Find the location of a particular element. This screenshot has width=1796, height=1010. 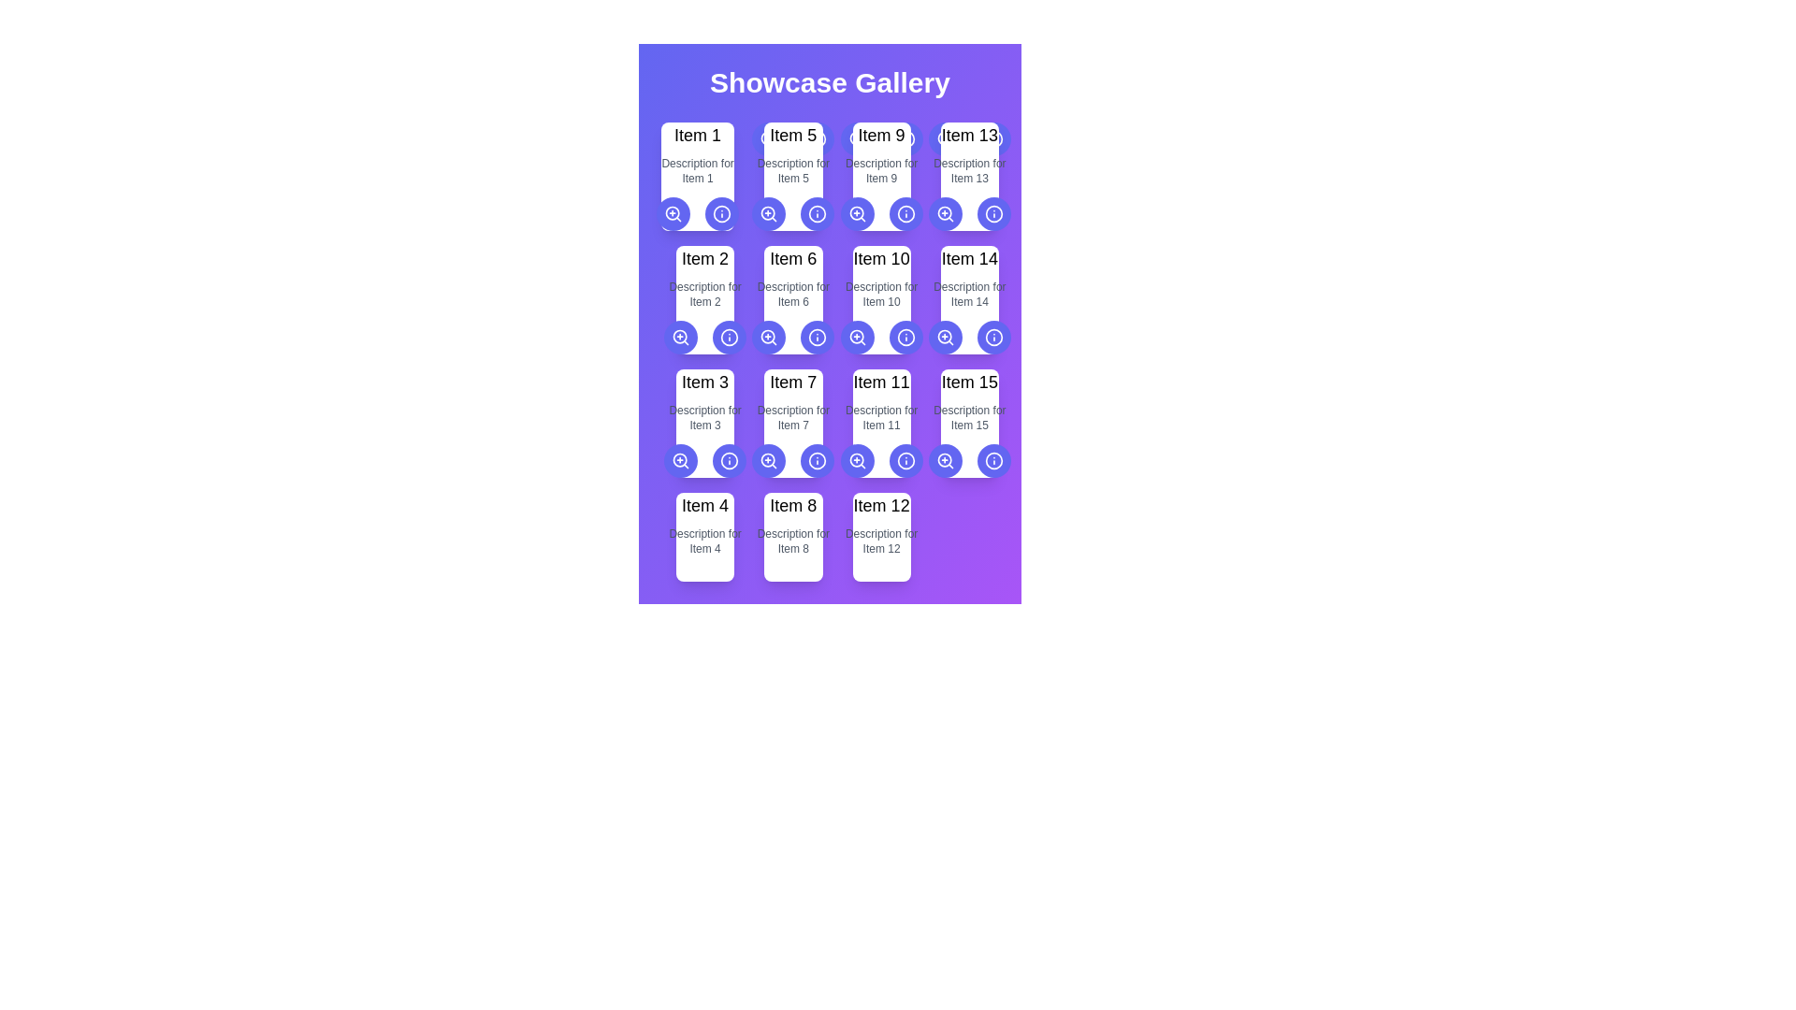

the left button of the grouped interactive buttons, which features a magnifying glass icon with a plus symbol is located at coordinates (704, 338).